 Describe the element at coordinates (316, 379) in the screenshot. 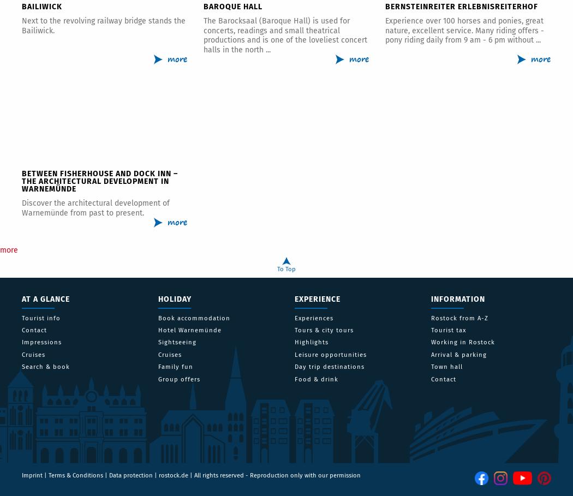

I see `'Food & drink'` at that location.